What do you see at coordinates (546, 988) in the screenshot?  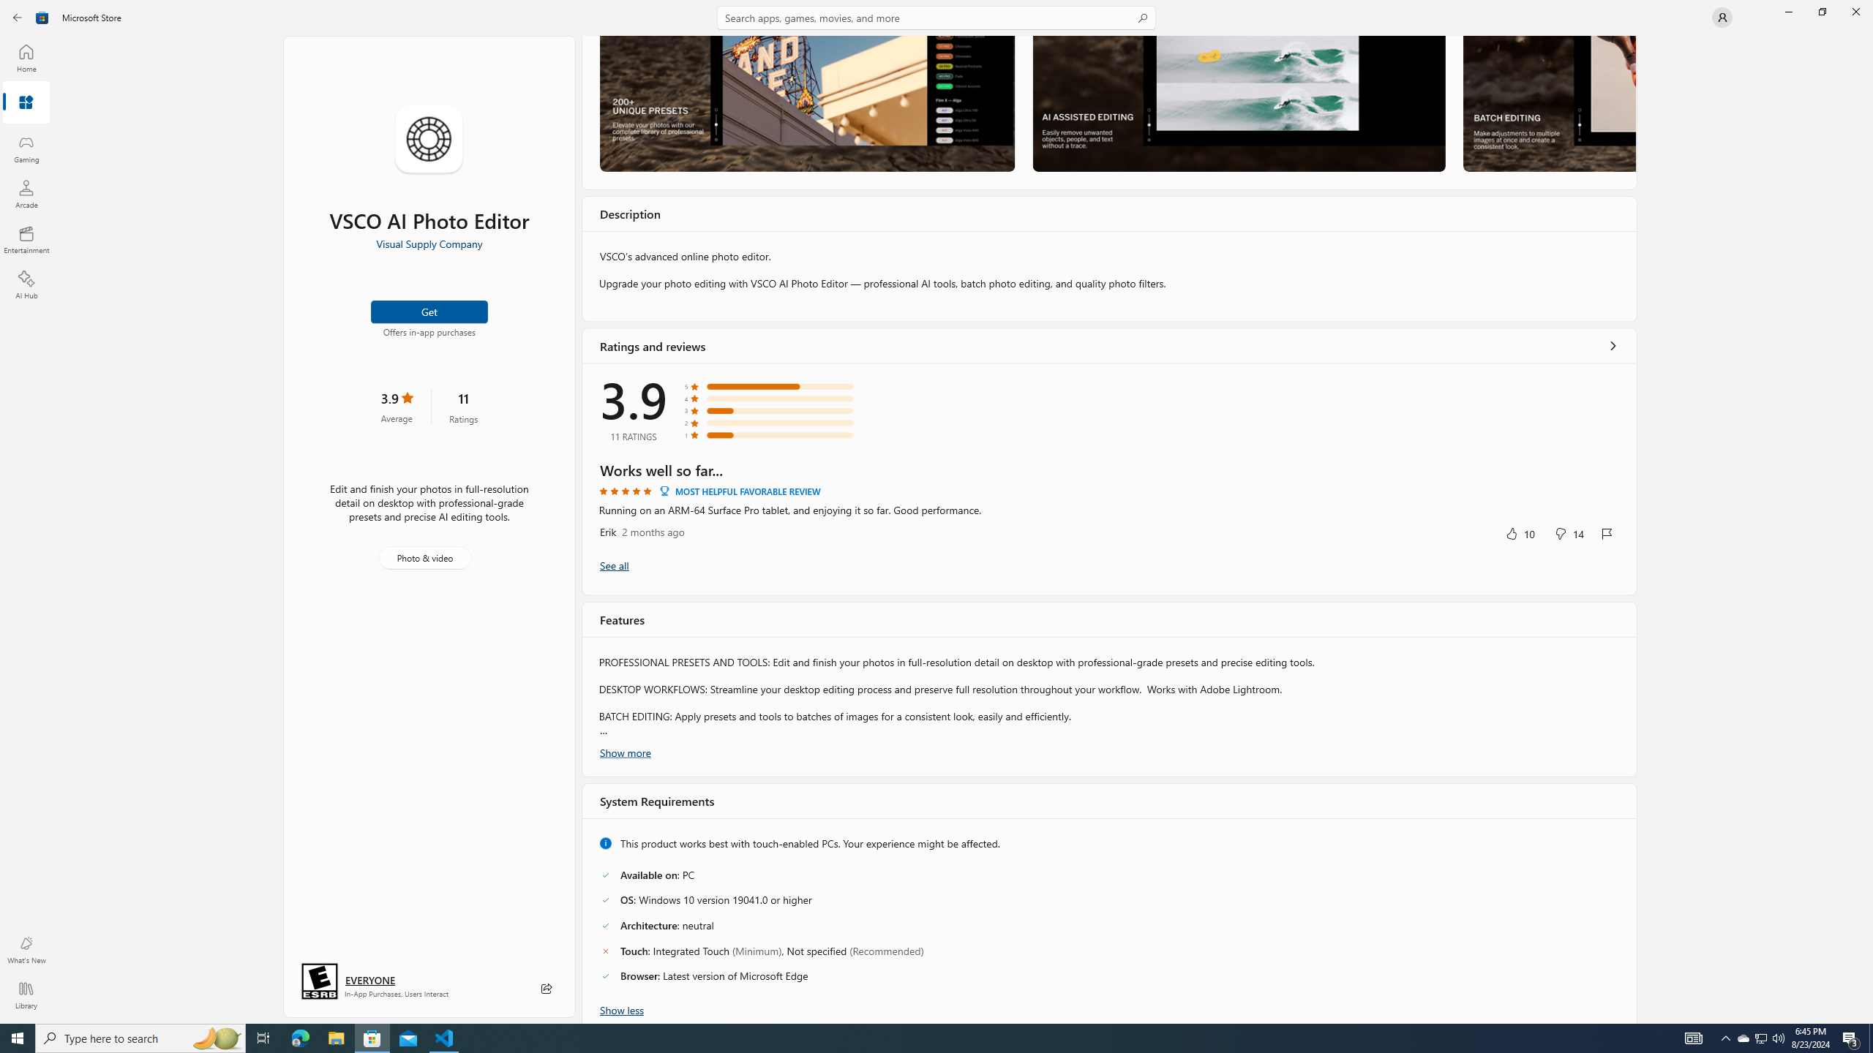 I see `'Share'` at bounding box center [546, 988].